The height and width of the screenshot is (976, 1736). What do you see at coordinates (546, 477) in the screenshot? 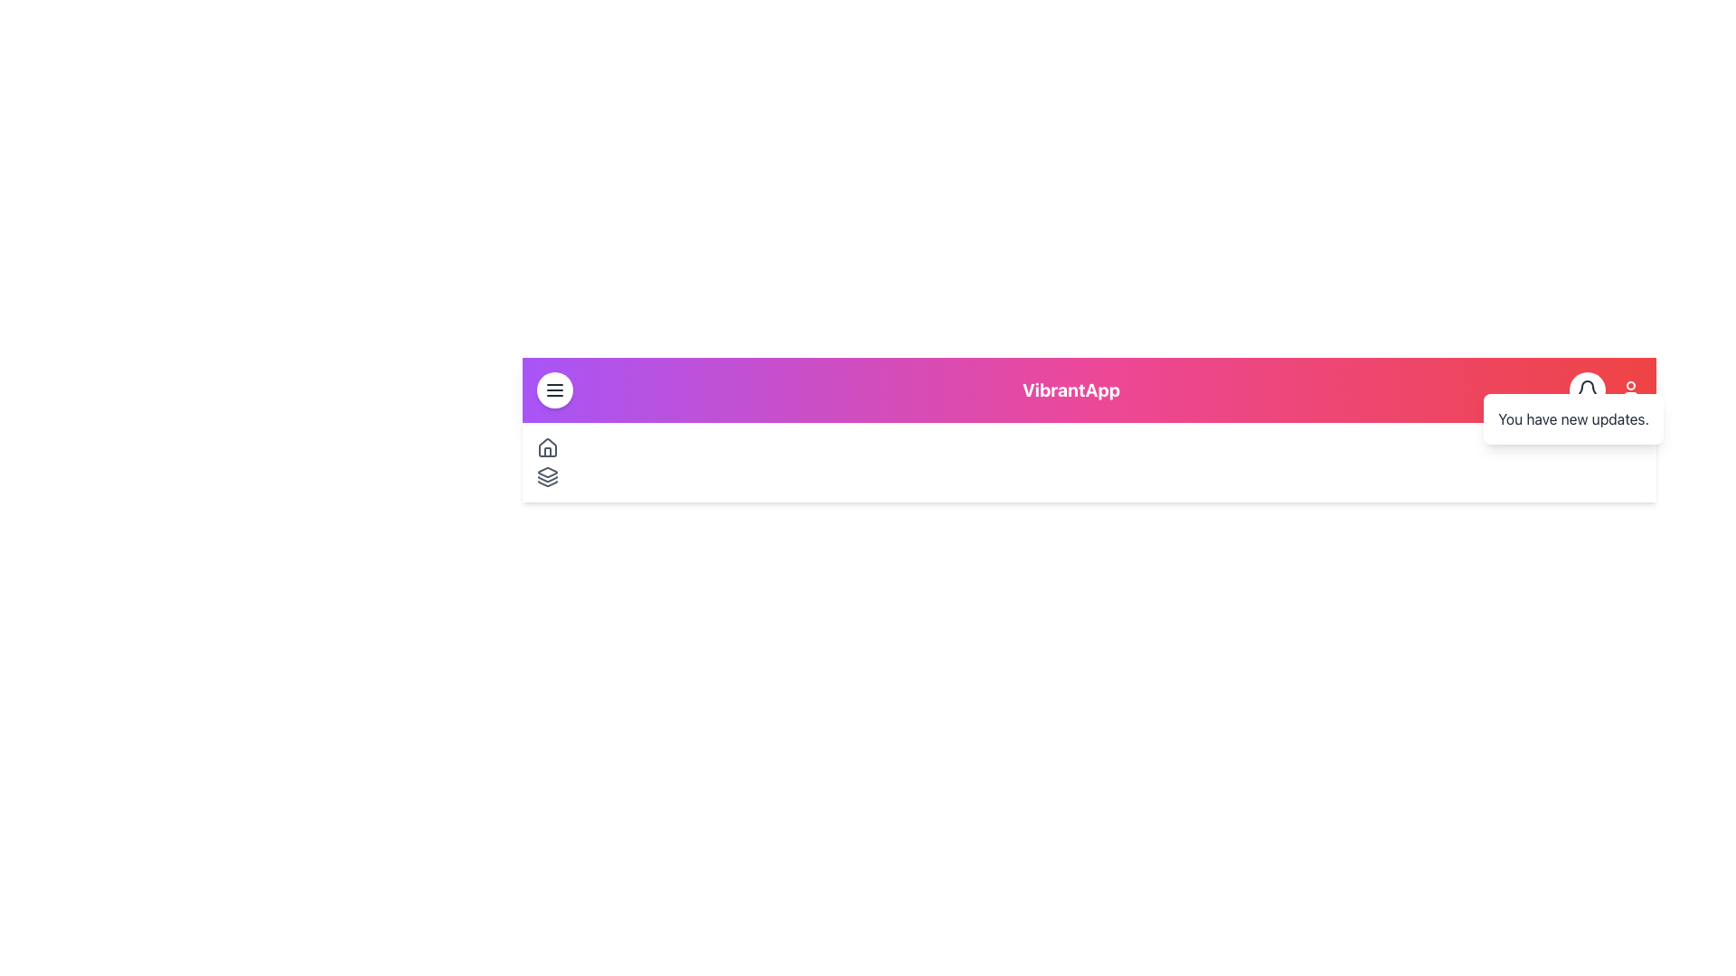
I see `the second graphic icon in the vertical stack, which resembles a minimalist polygon-like structure, located below the home-like icon` at bounding box center [546, 477].